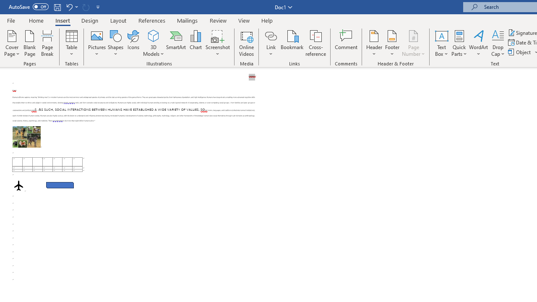 This screenshot has height=302, width=537. Describe the element at coordinates (71, 43) in the screenshot. I see `'Table'` at that location.